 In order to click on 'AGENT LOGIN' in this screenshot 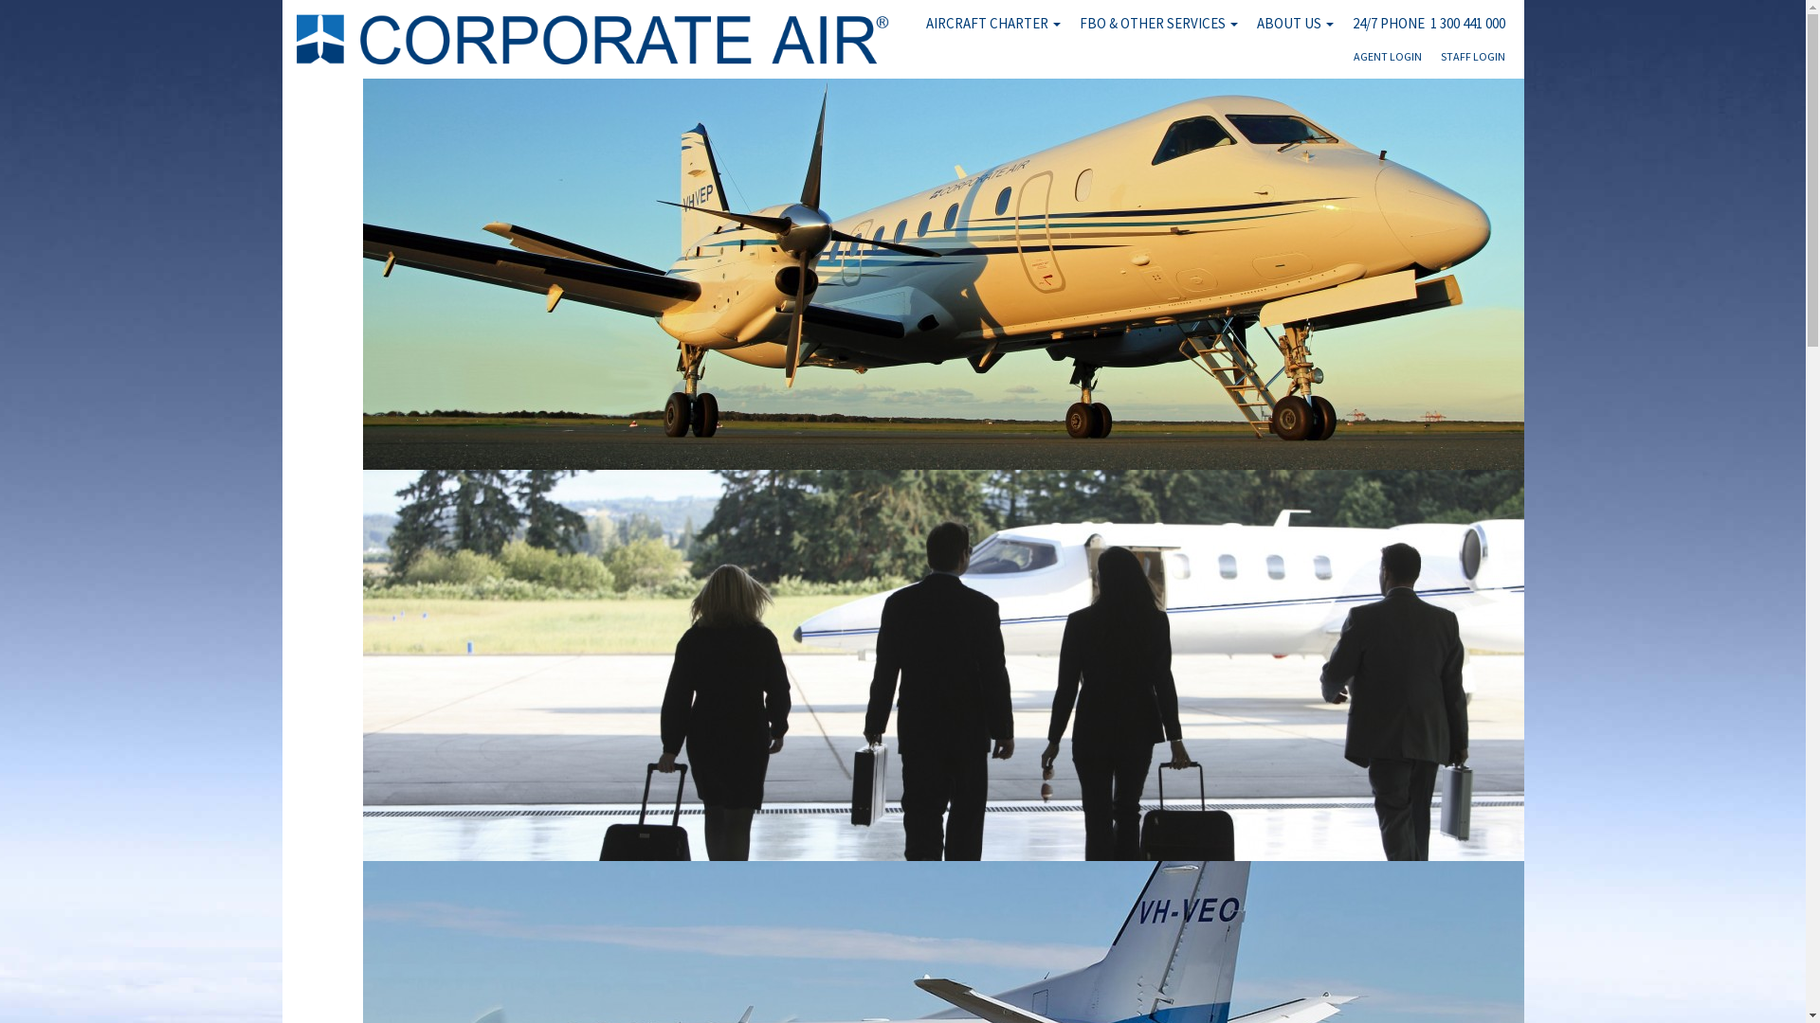, I will do `click(1388, 61)`.